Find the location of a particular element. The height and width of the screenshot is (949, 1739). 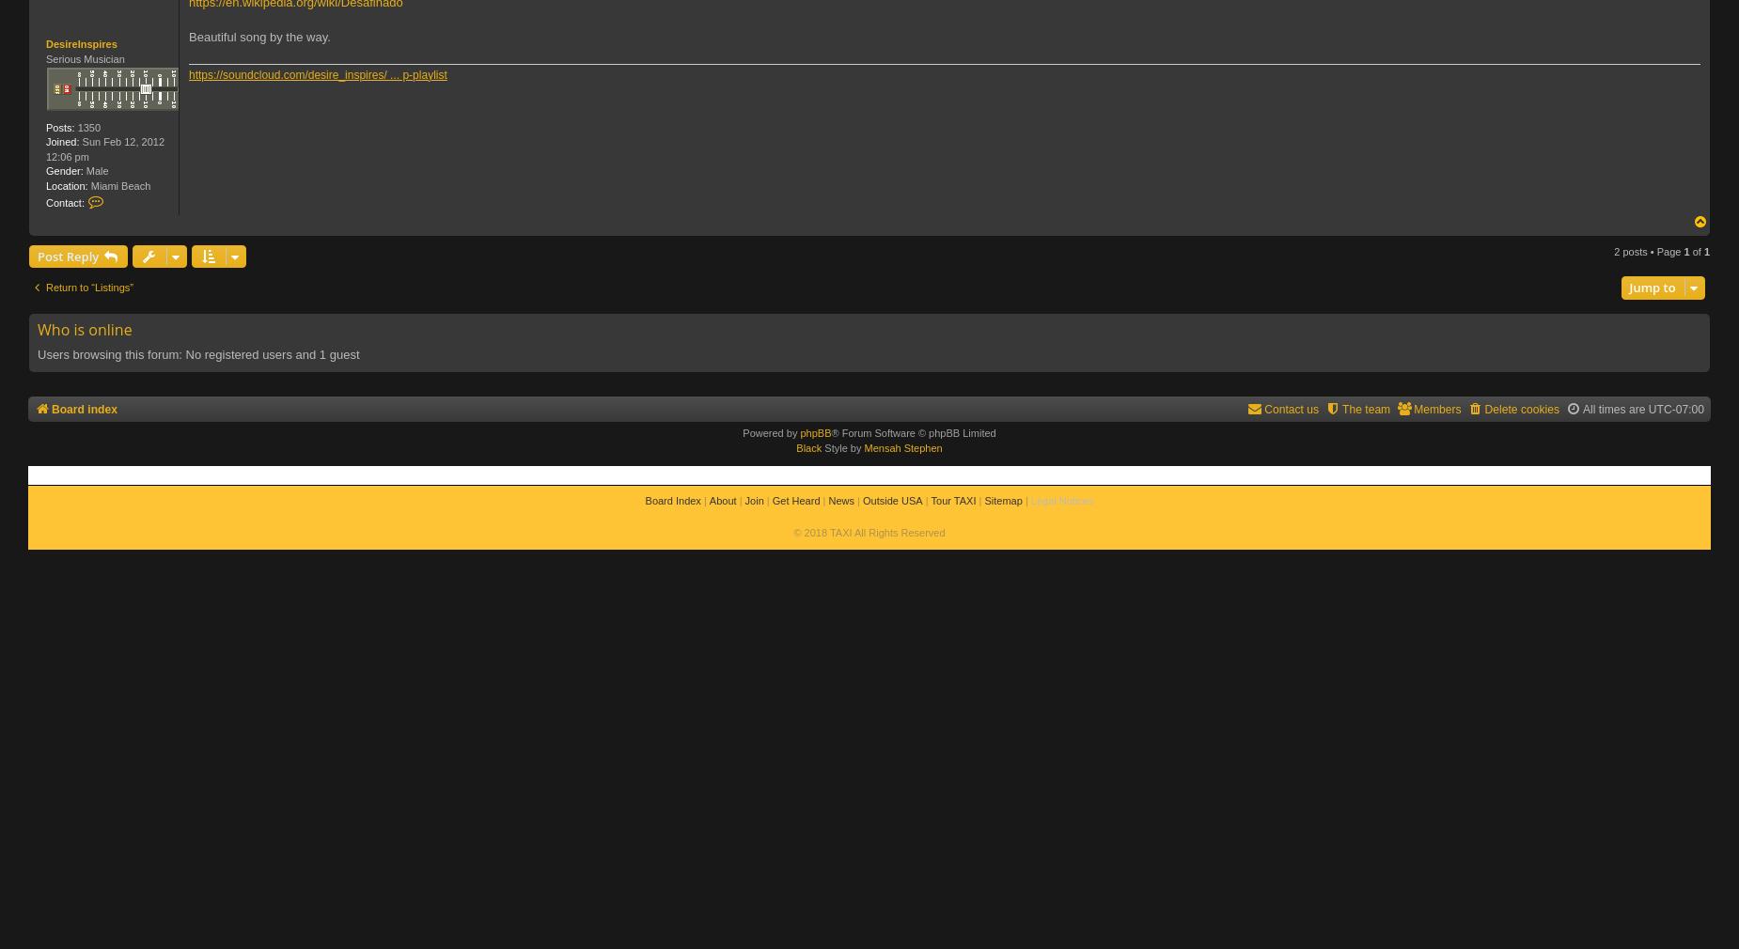

'Contact:' is located at coordinates (64, 202).